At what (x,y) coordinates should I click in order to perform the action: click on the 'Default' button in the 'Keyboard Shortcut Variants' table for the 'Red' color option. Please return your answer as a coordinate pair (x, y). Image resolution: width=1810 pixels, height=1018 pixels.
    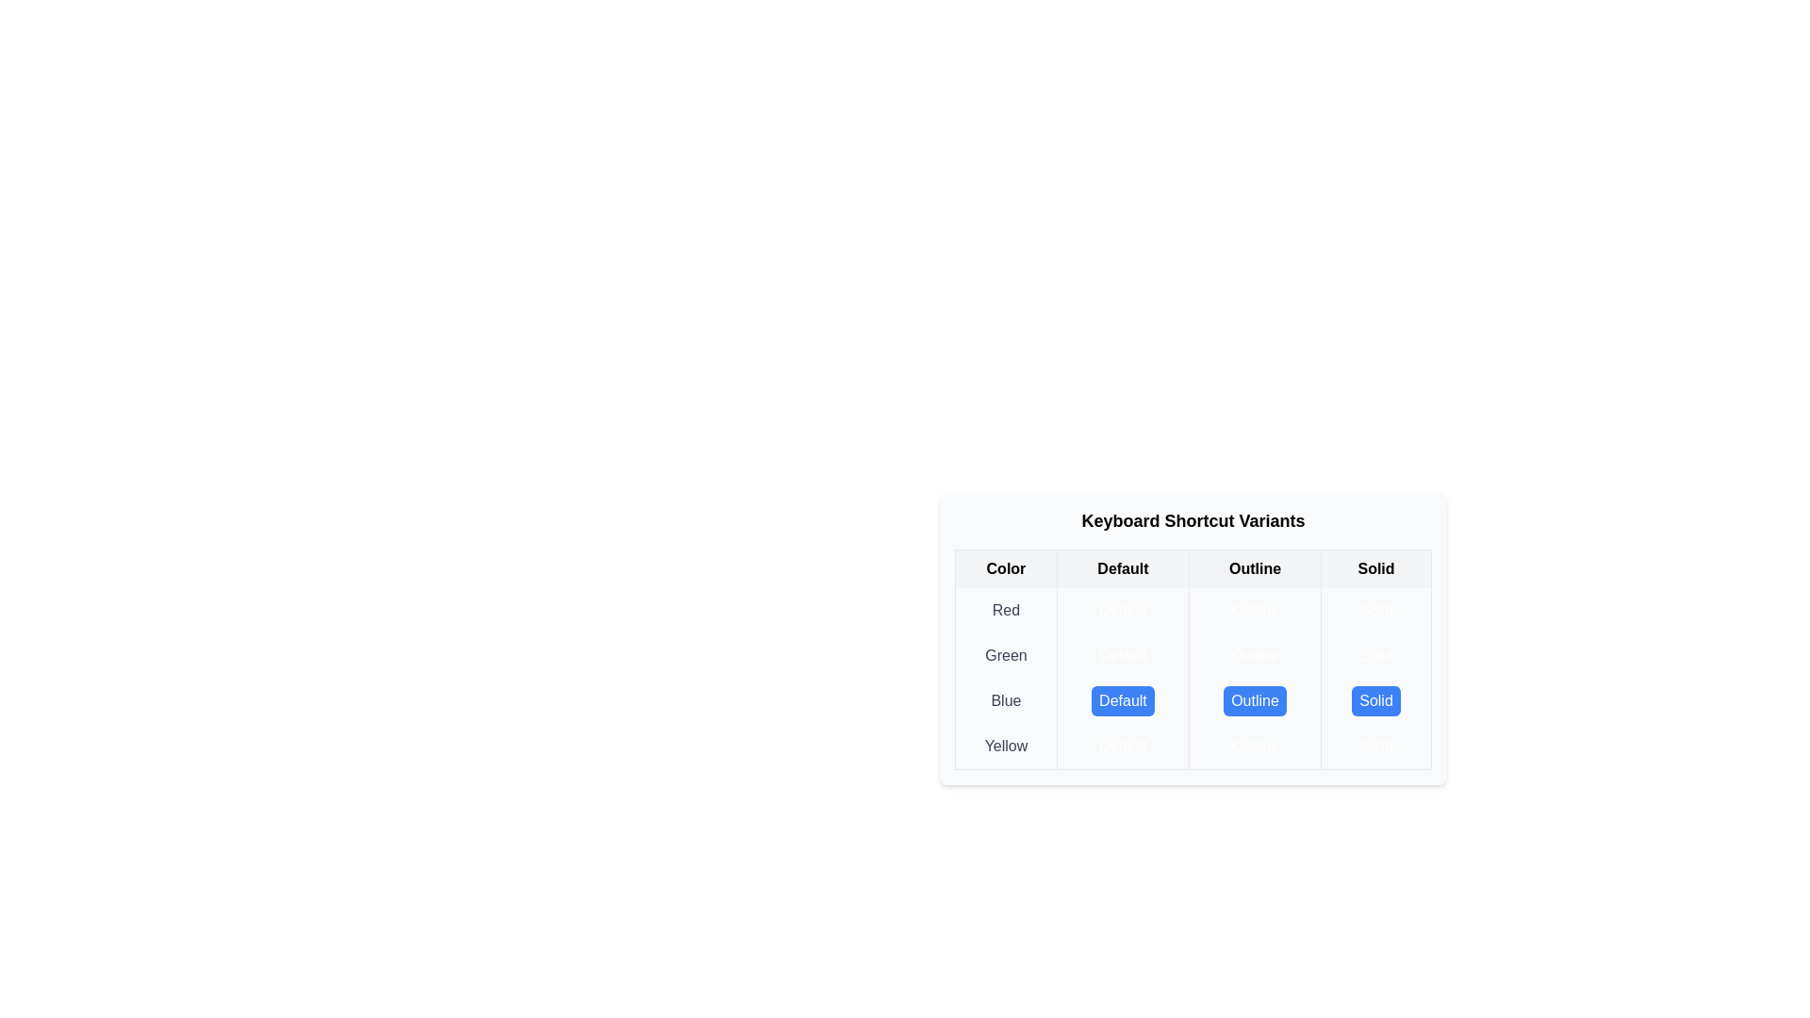
    Looking at the image, I should click on (1123, 611).